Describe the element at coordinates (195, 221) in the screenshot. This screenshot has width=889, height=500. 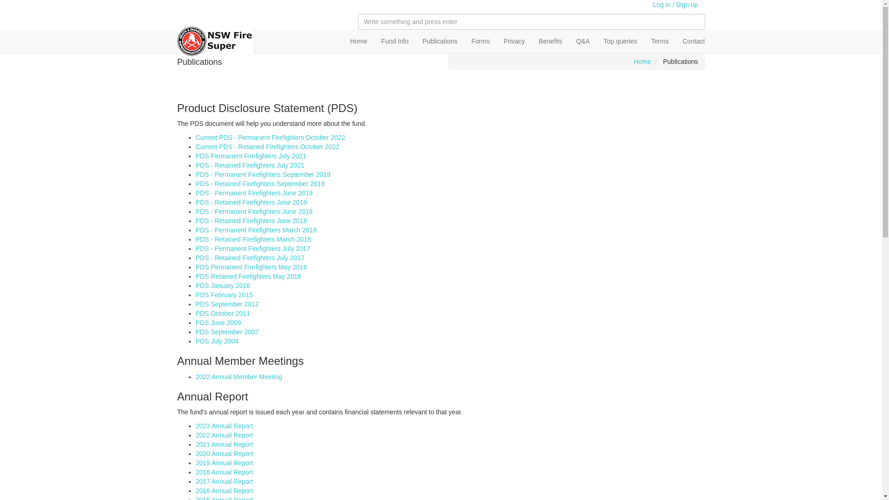
I see `'PDS - Retained Firefighters June 2018'` at that location.